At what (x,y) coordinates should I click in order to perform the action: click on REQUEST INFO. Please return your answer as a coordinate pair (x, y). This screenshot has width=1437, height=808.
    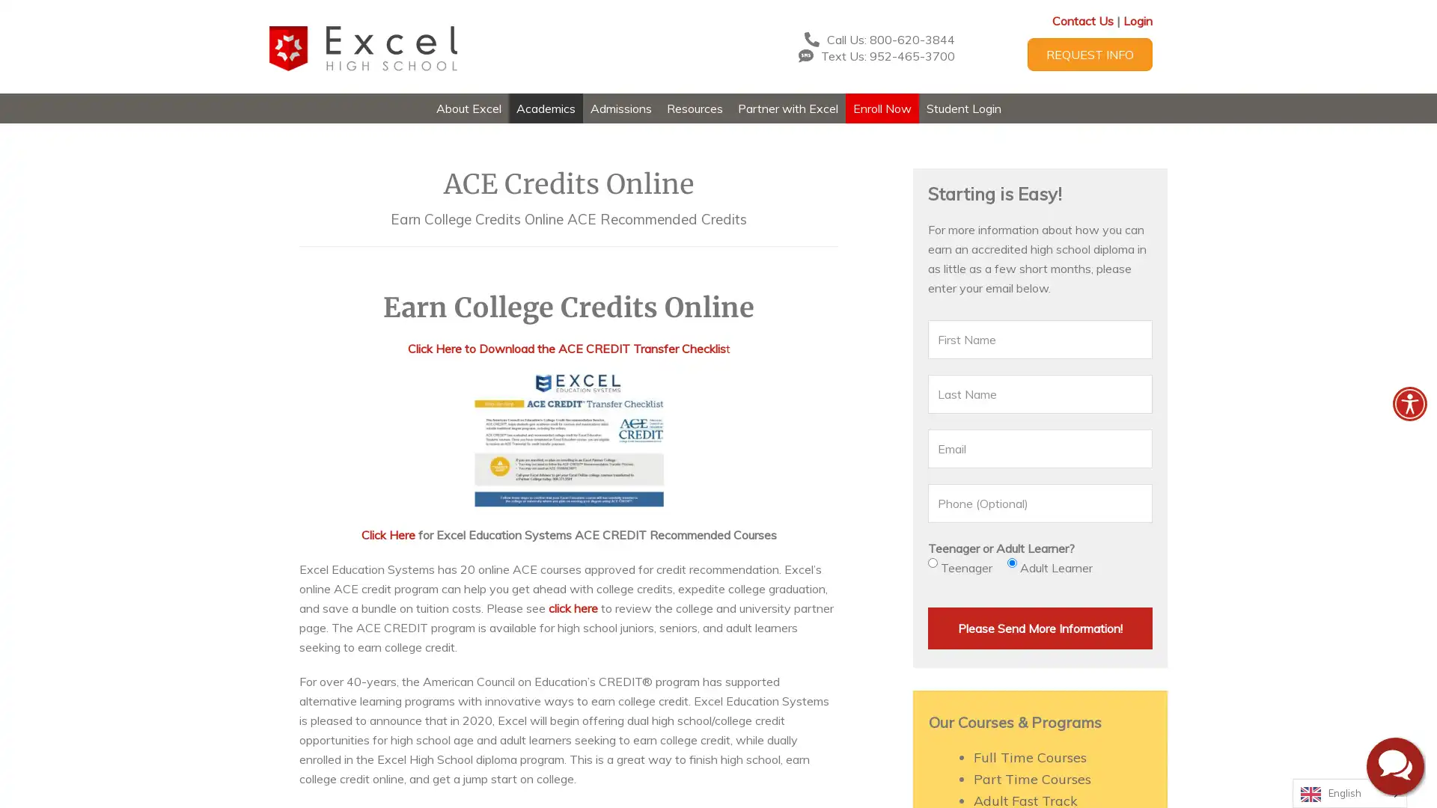
    Looking at the image, I should click on (1089, 54).